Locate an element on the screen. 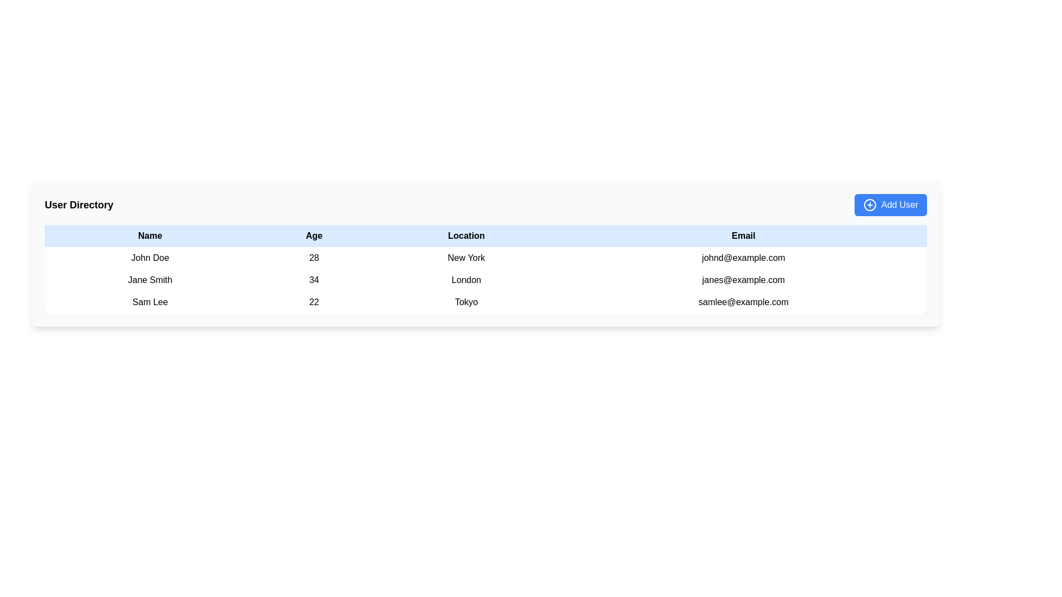 This screenshot has height=597, width=1062. the table cell displaying 'New York' in the 'Location' column for the row containing 'John Doe' is located at coordinates (466, 258).